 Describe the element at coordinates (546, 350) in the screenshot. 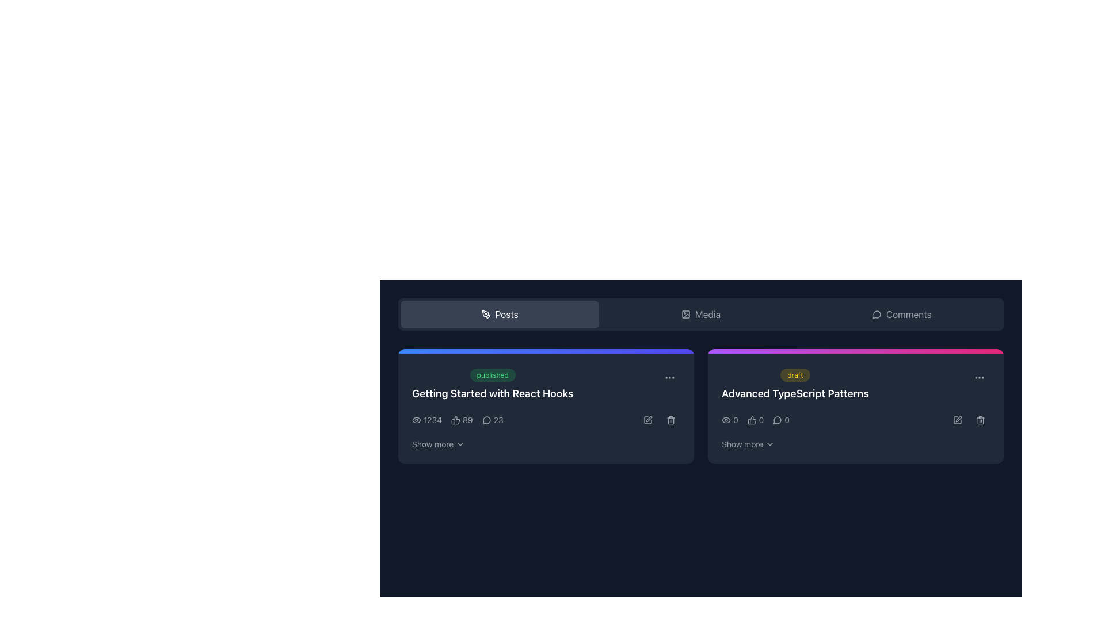

I see `the progress bar or status indicator at the top of the card layout within the grid of cards` at that location.